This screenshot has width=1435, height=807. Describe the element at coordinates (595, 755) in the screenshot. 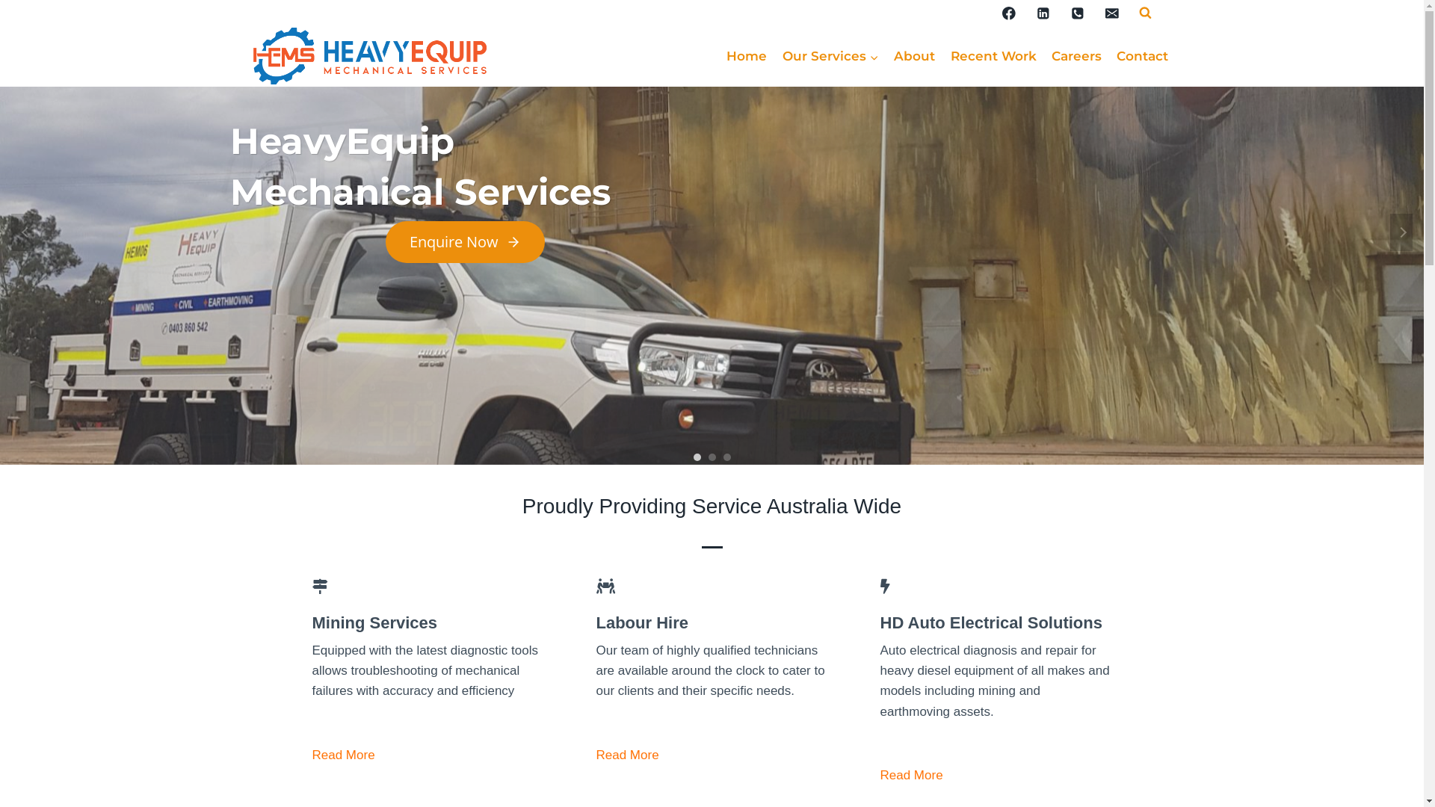

I see `'Read More'` at that location.